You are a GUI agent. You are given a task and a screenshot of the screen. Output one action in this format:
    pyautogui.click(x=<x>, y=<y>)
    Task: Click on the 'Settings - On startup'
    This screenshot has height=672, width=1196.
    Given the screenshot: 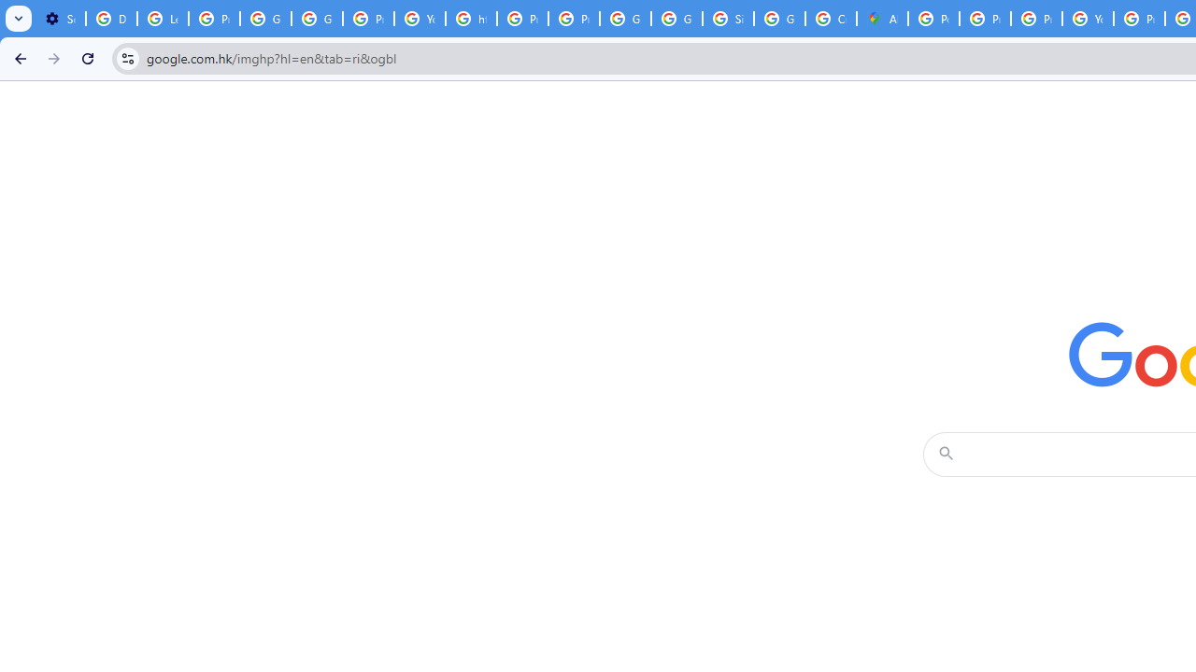 What is the action you would take?
    pyautogui.click(x=60, y=19)
    